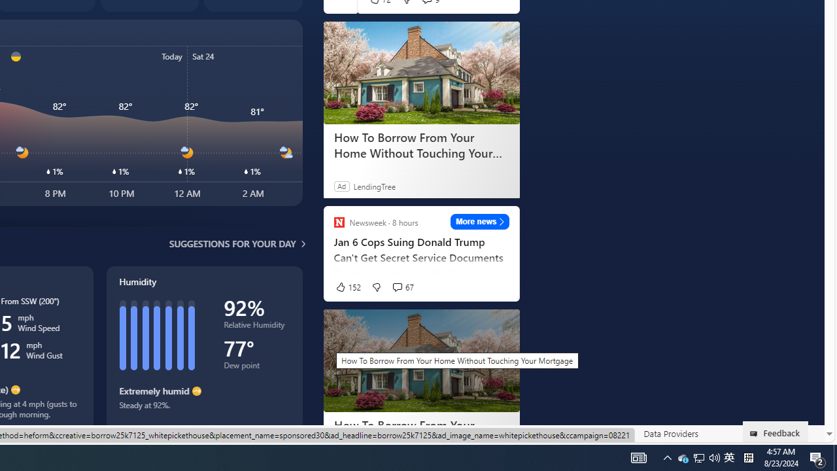 The image size is (837, 471). Describe the element at coordinates (203, 410) in the screenshot. I see `'Steady at 92%.'` at that location.